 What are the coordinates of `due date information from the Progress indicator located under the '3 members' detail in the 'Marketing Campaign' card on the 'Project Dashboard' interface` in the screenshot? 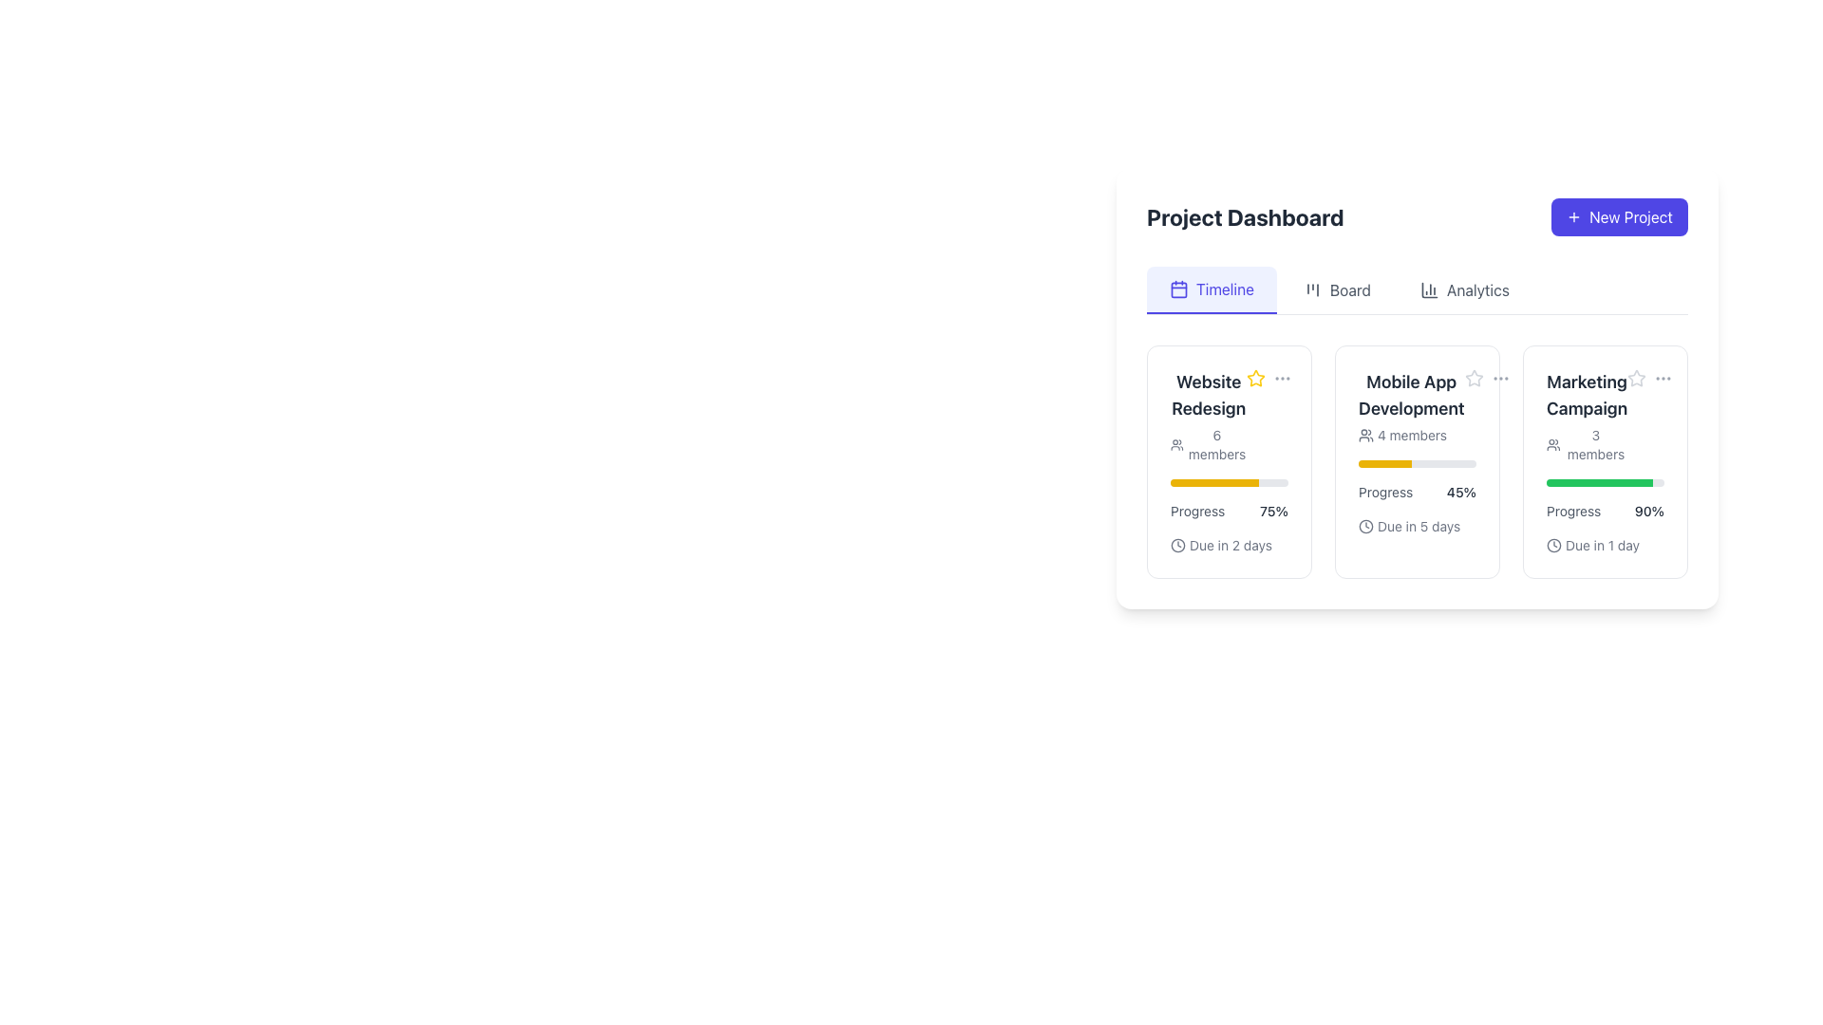 It's located at (1604, 516).